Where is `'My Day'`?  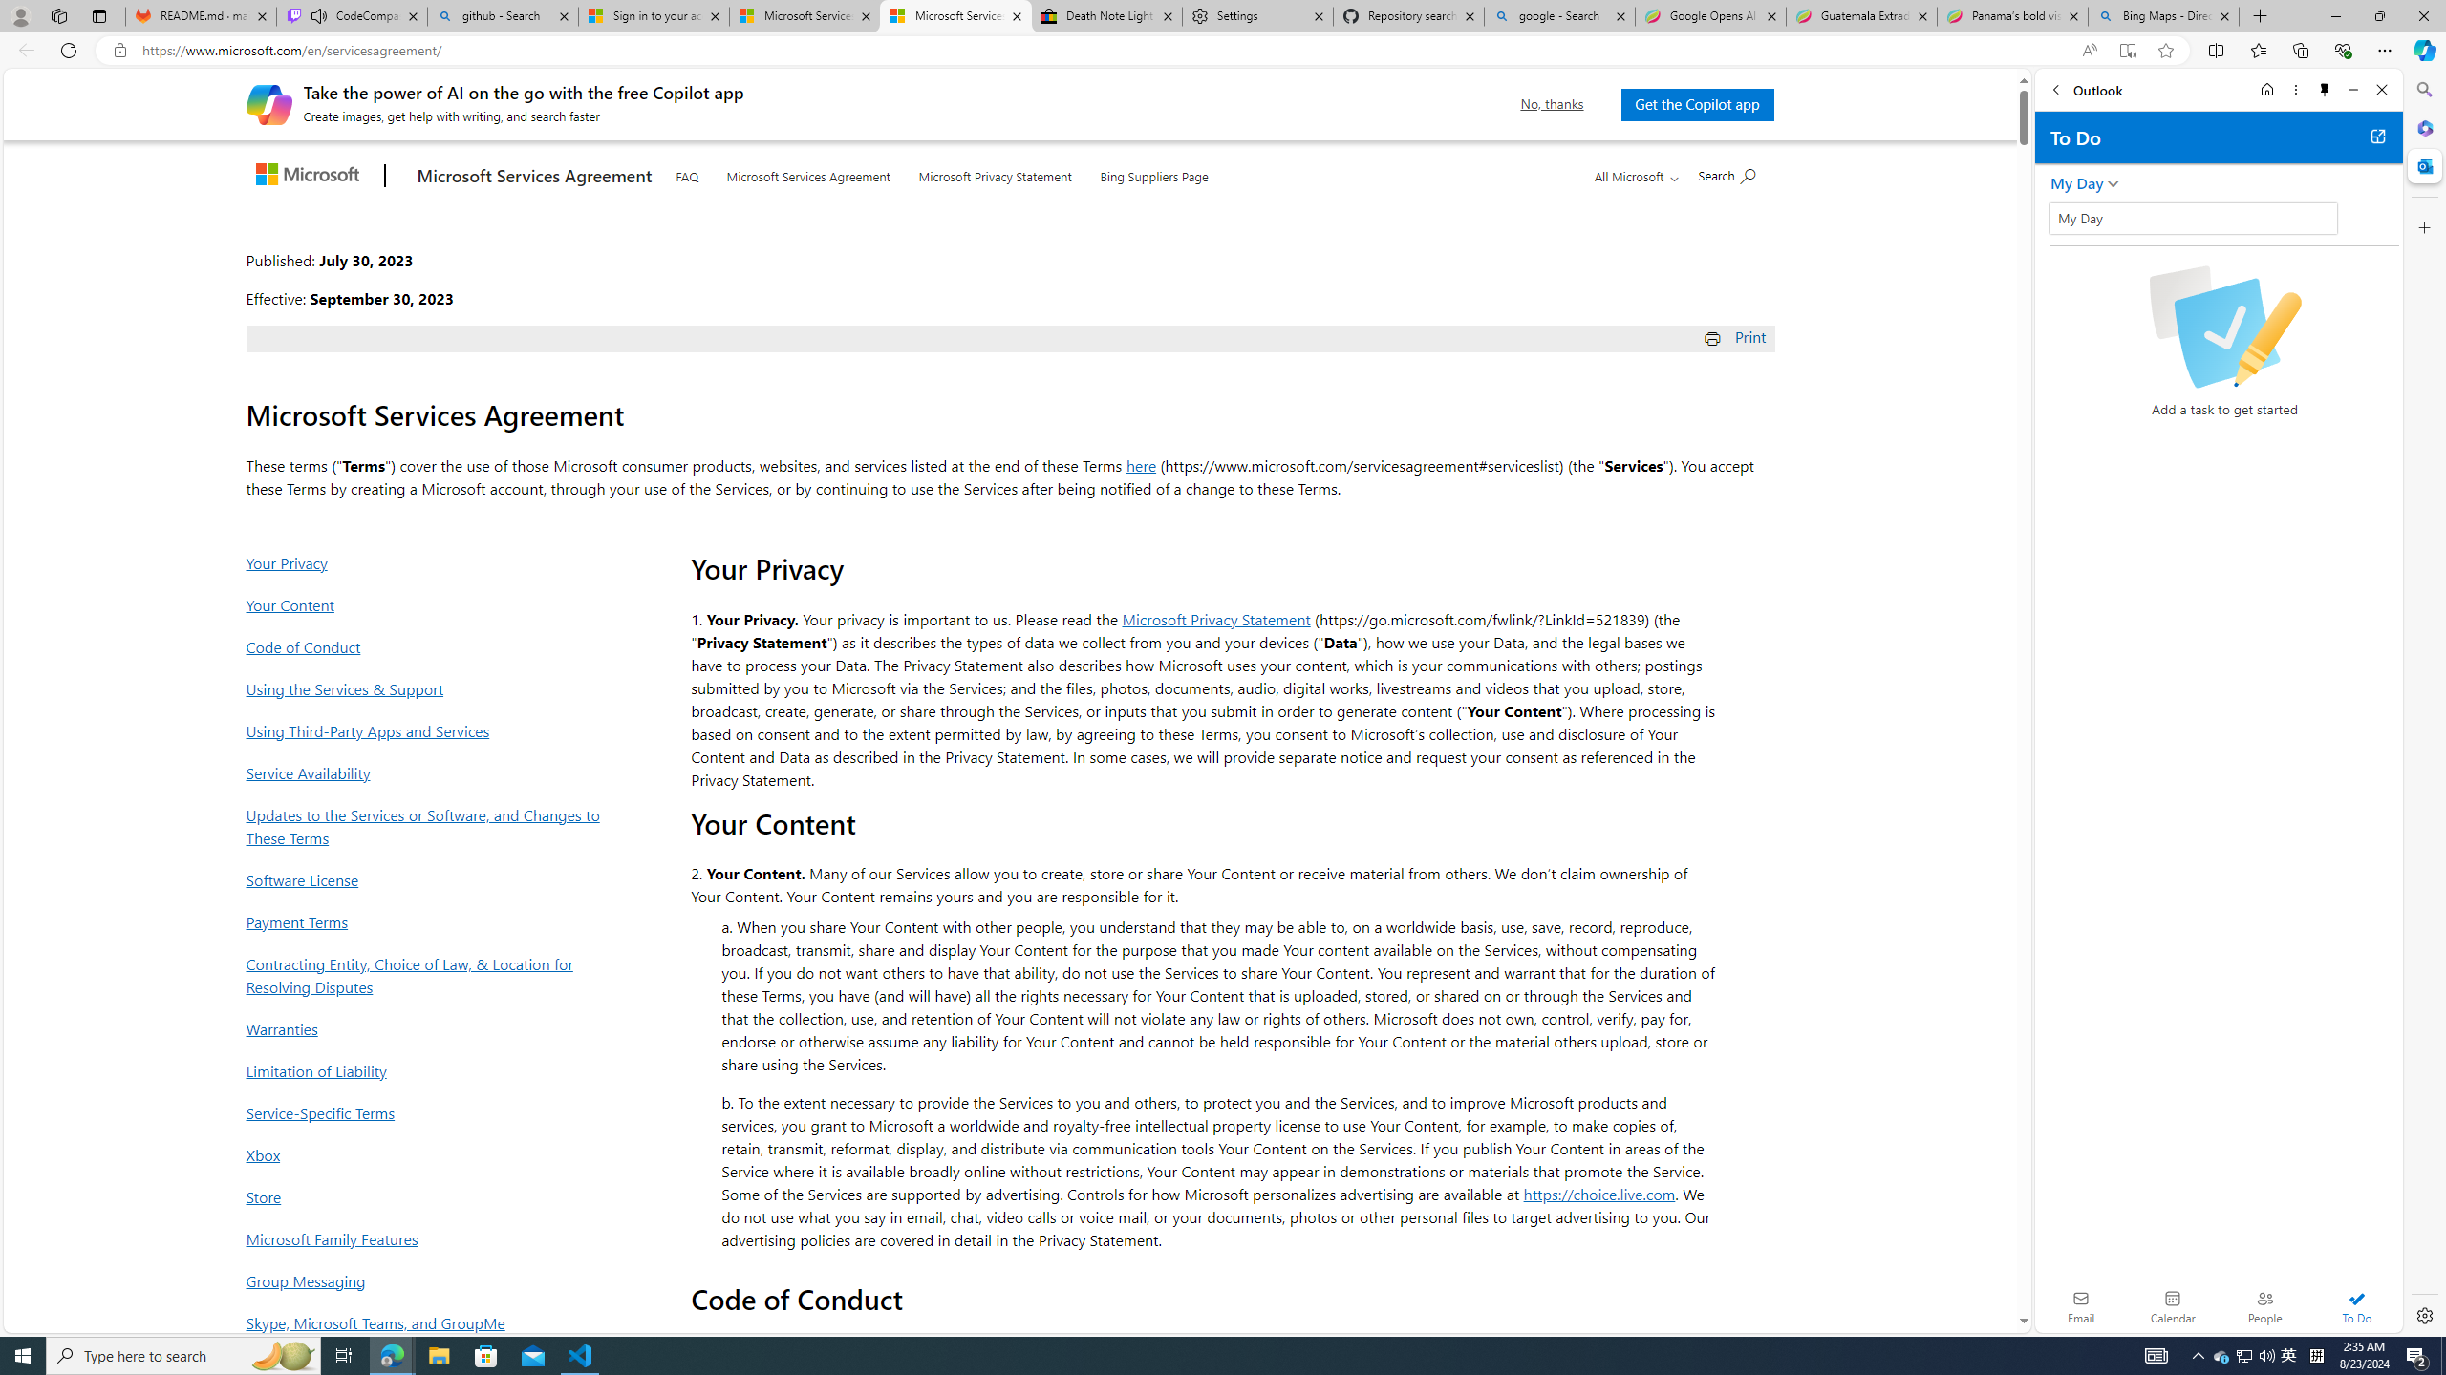
'My Day' is located at coordinates (2193, 217).